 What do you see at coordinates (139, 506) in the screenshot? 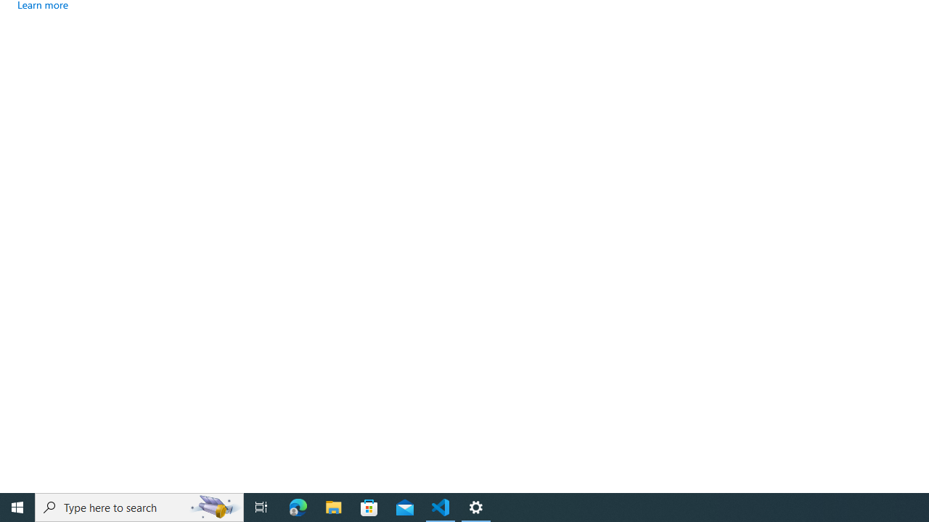
I see `'Type here to search'` at bounding box center [139, 506].